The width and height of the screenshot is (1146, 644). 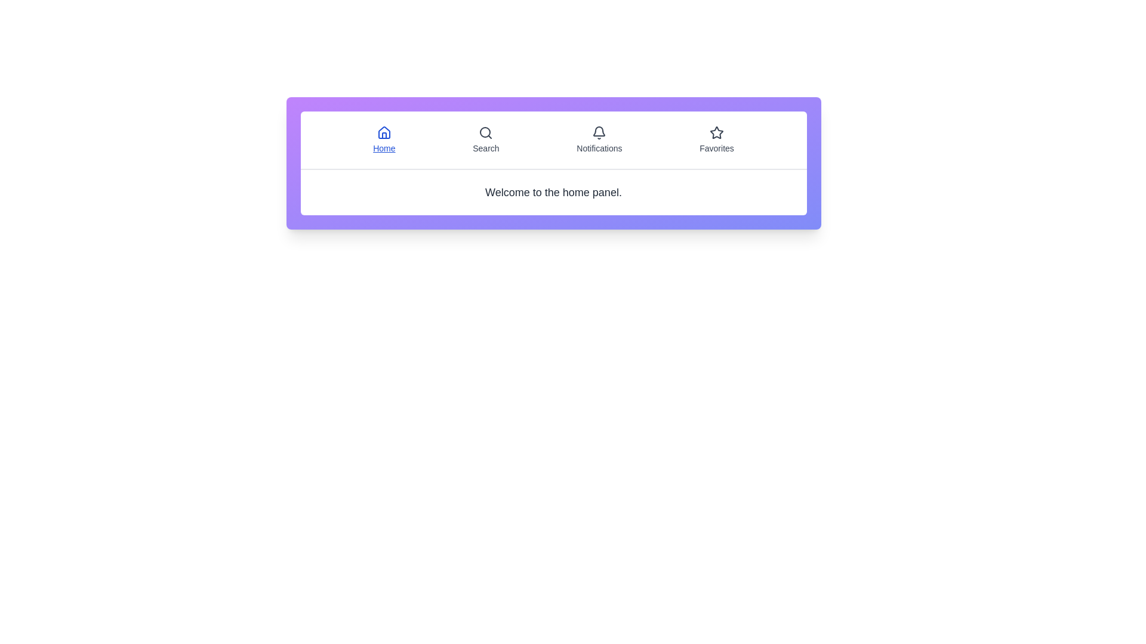 What do you see at coordinates (486, 140) in the screenshot?
I see `the tab labeled Search` at bounding box center [486, 140].